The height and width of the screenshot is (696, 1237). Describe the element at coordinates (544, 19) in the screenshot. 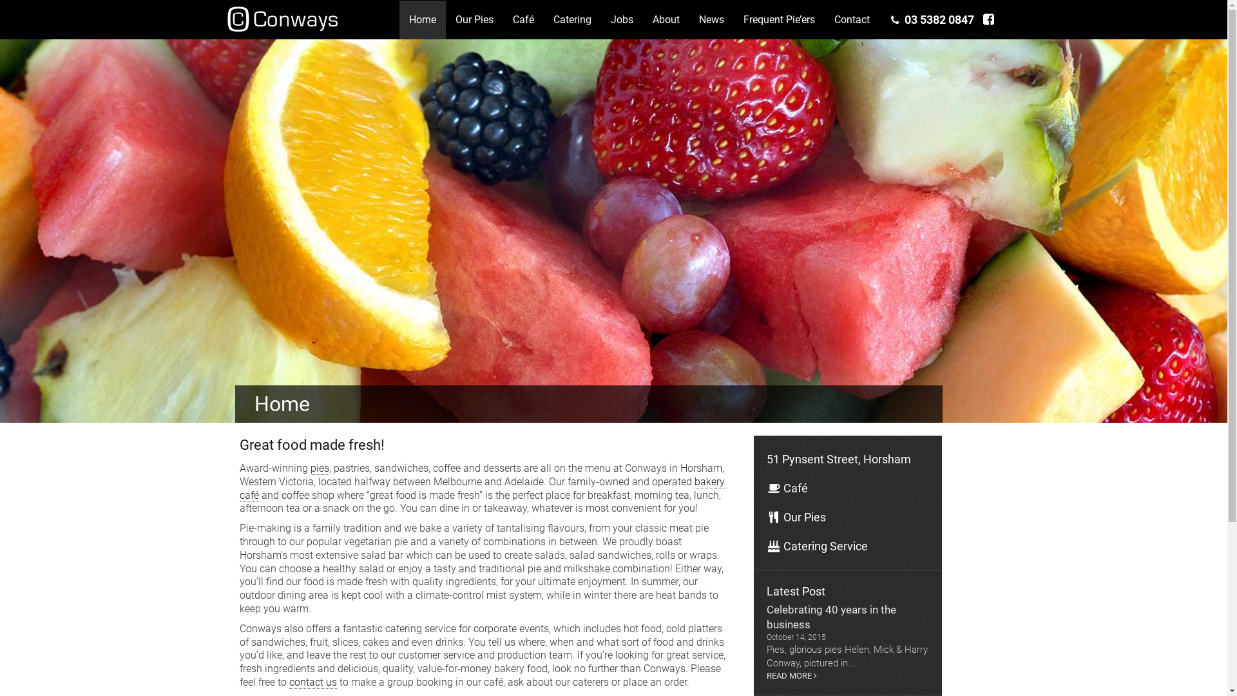

I see `'Catering'` at that location.